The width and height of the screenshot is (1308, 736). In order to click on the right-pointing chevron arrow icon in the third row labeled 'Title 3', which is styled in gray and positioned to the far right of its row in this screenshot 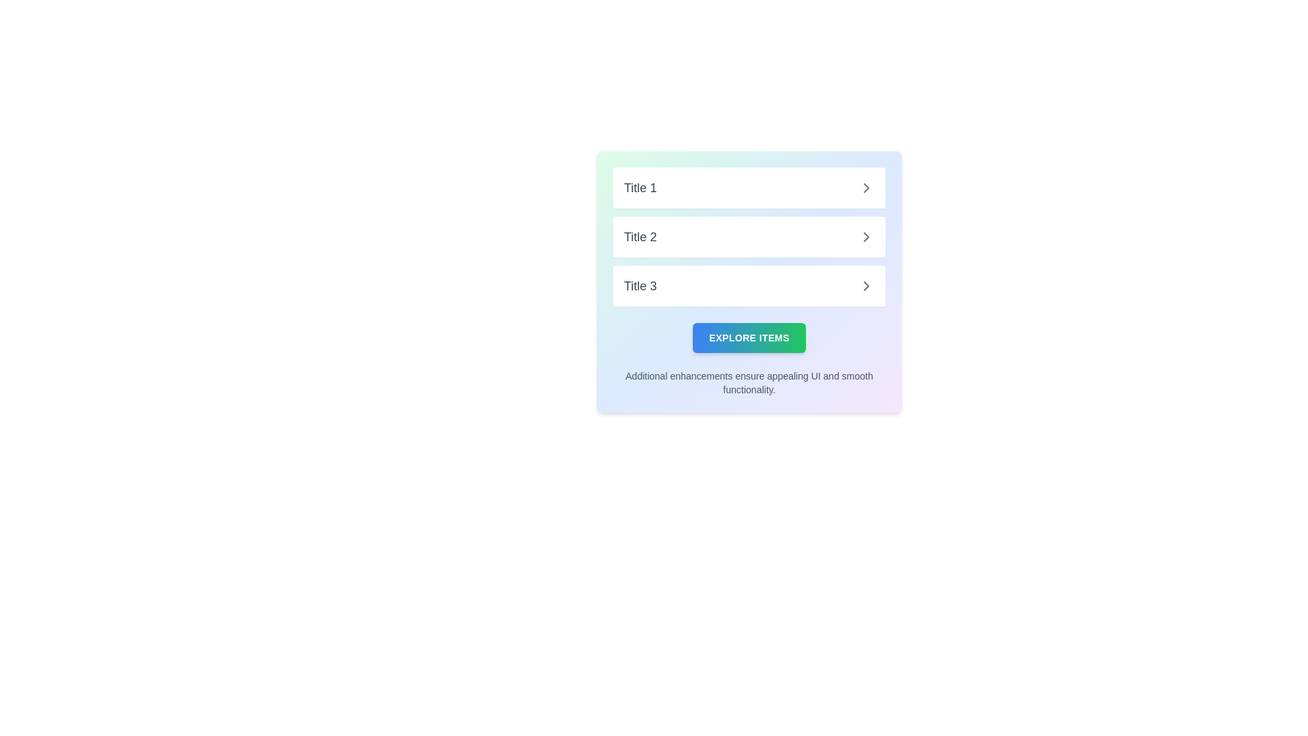, I will do `click(866, 286)`.